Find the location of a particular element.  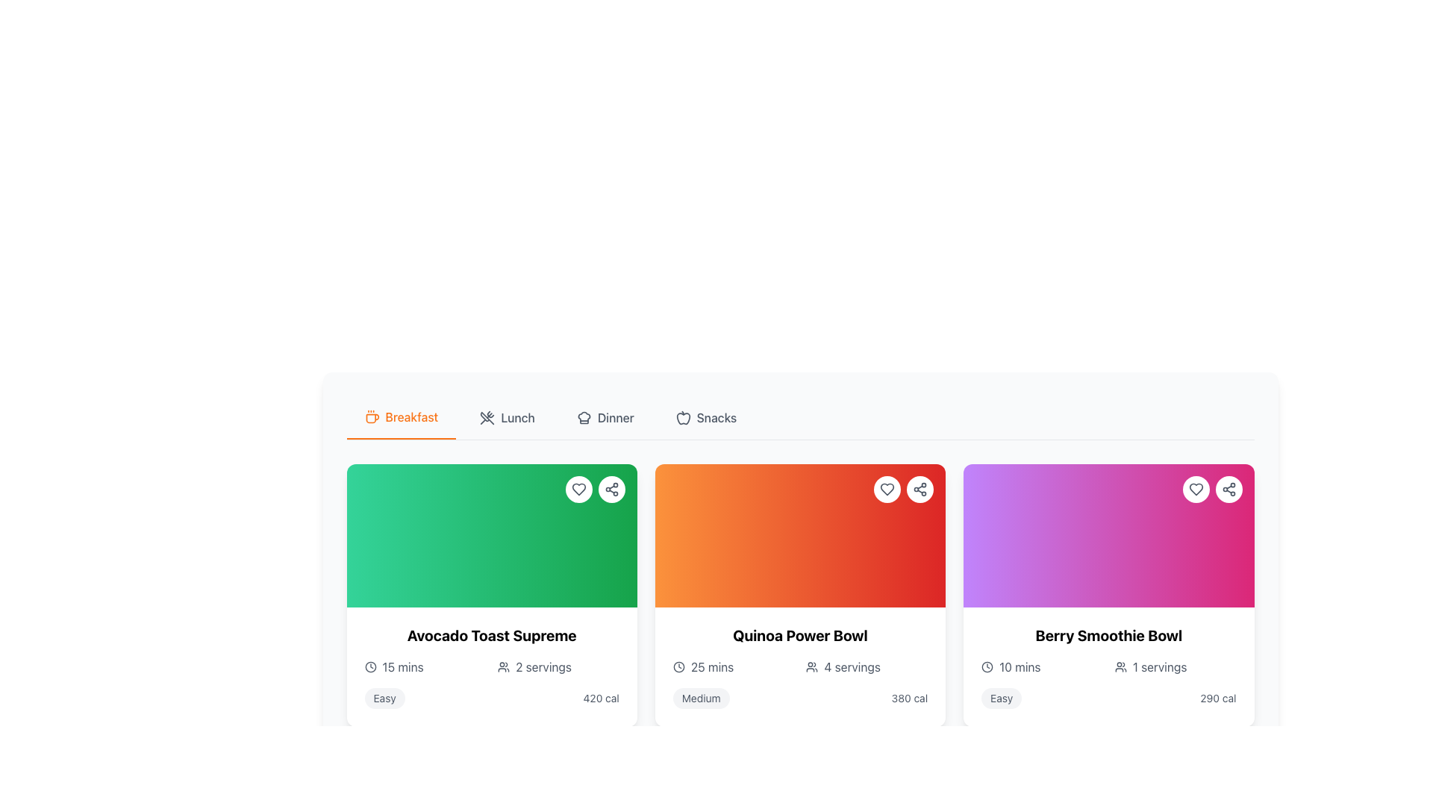

the 'Medium' text label located at the bottom of the 'Quinoa Power Bowl' card, which has a light gray background and dark gray text is located at coordinates (700, 699).